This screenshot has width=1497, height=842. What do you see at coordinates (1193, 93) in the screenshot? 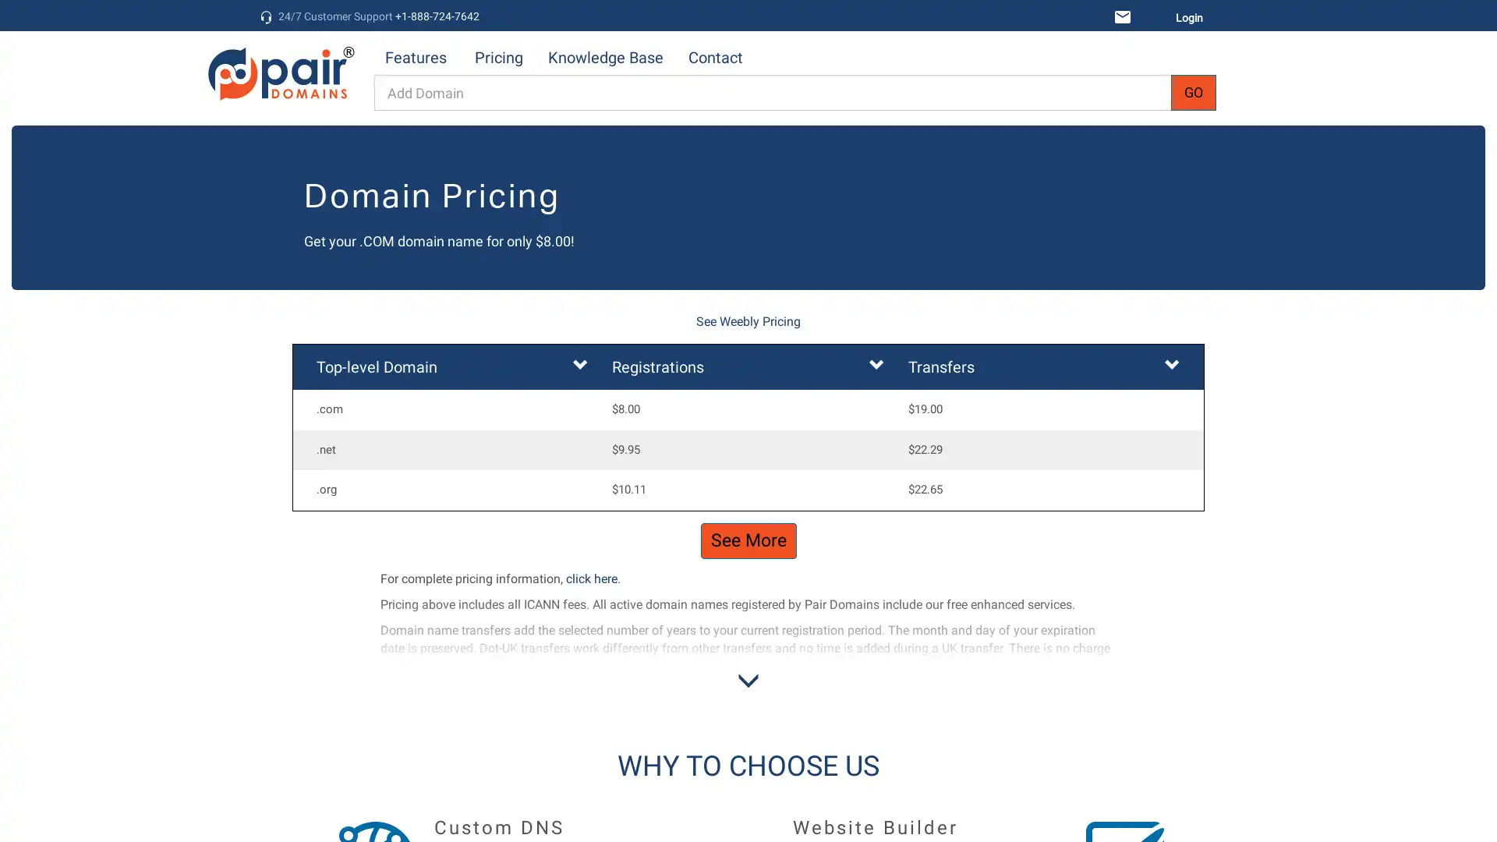
I see `GO` at bounding box center [1193, 93].